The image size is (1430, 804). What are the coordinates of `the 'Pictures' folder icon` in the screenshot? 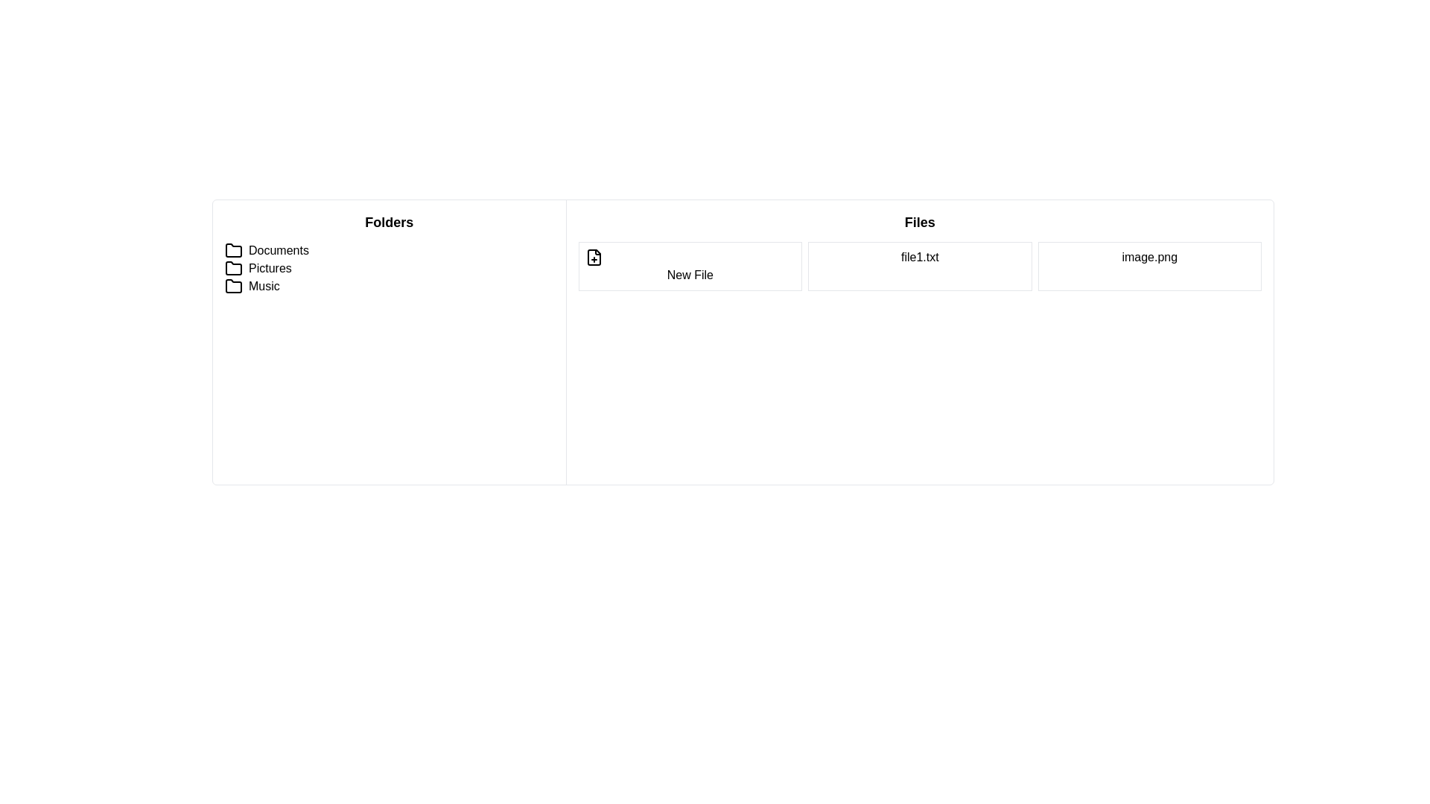 It's located at (232, 269).